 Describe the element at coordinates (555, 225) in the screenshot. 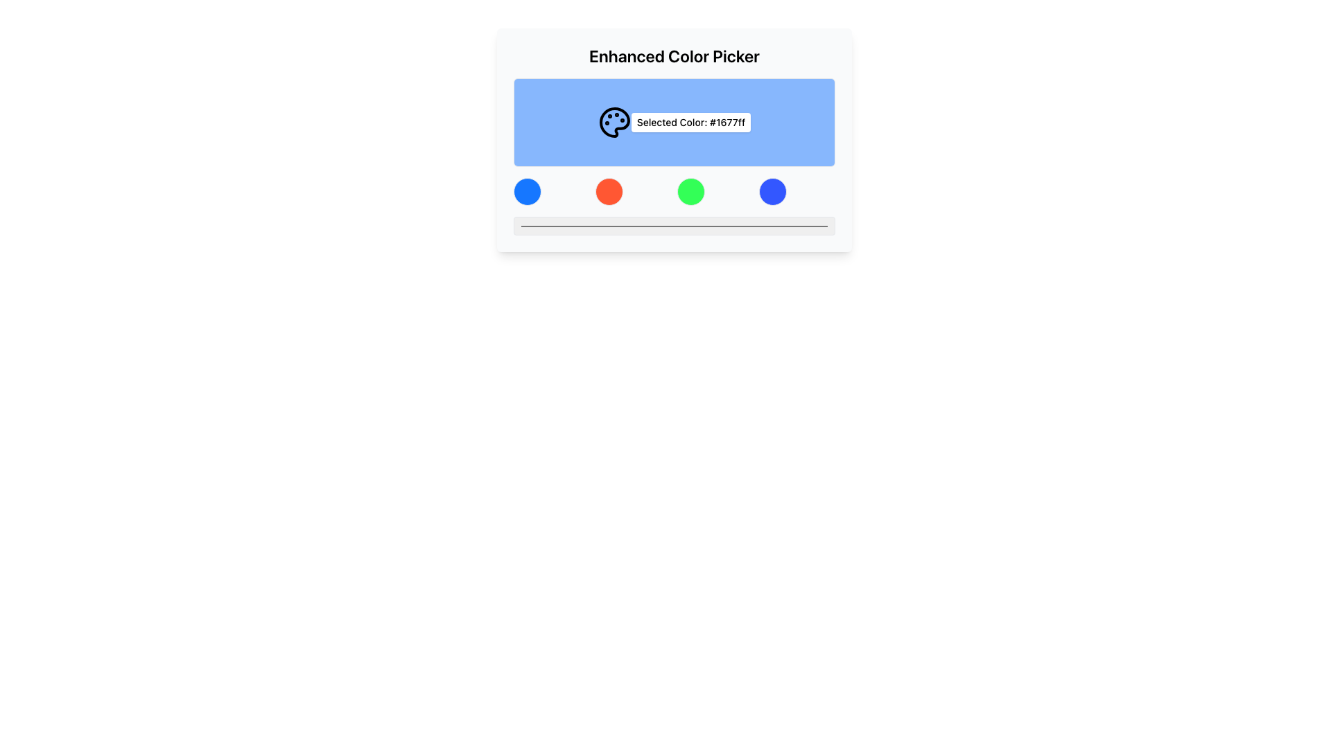

I see `the slider` at that location.